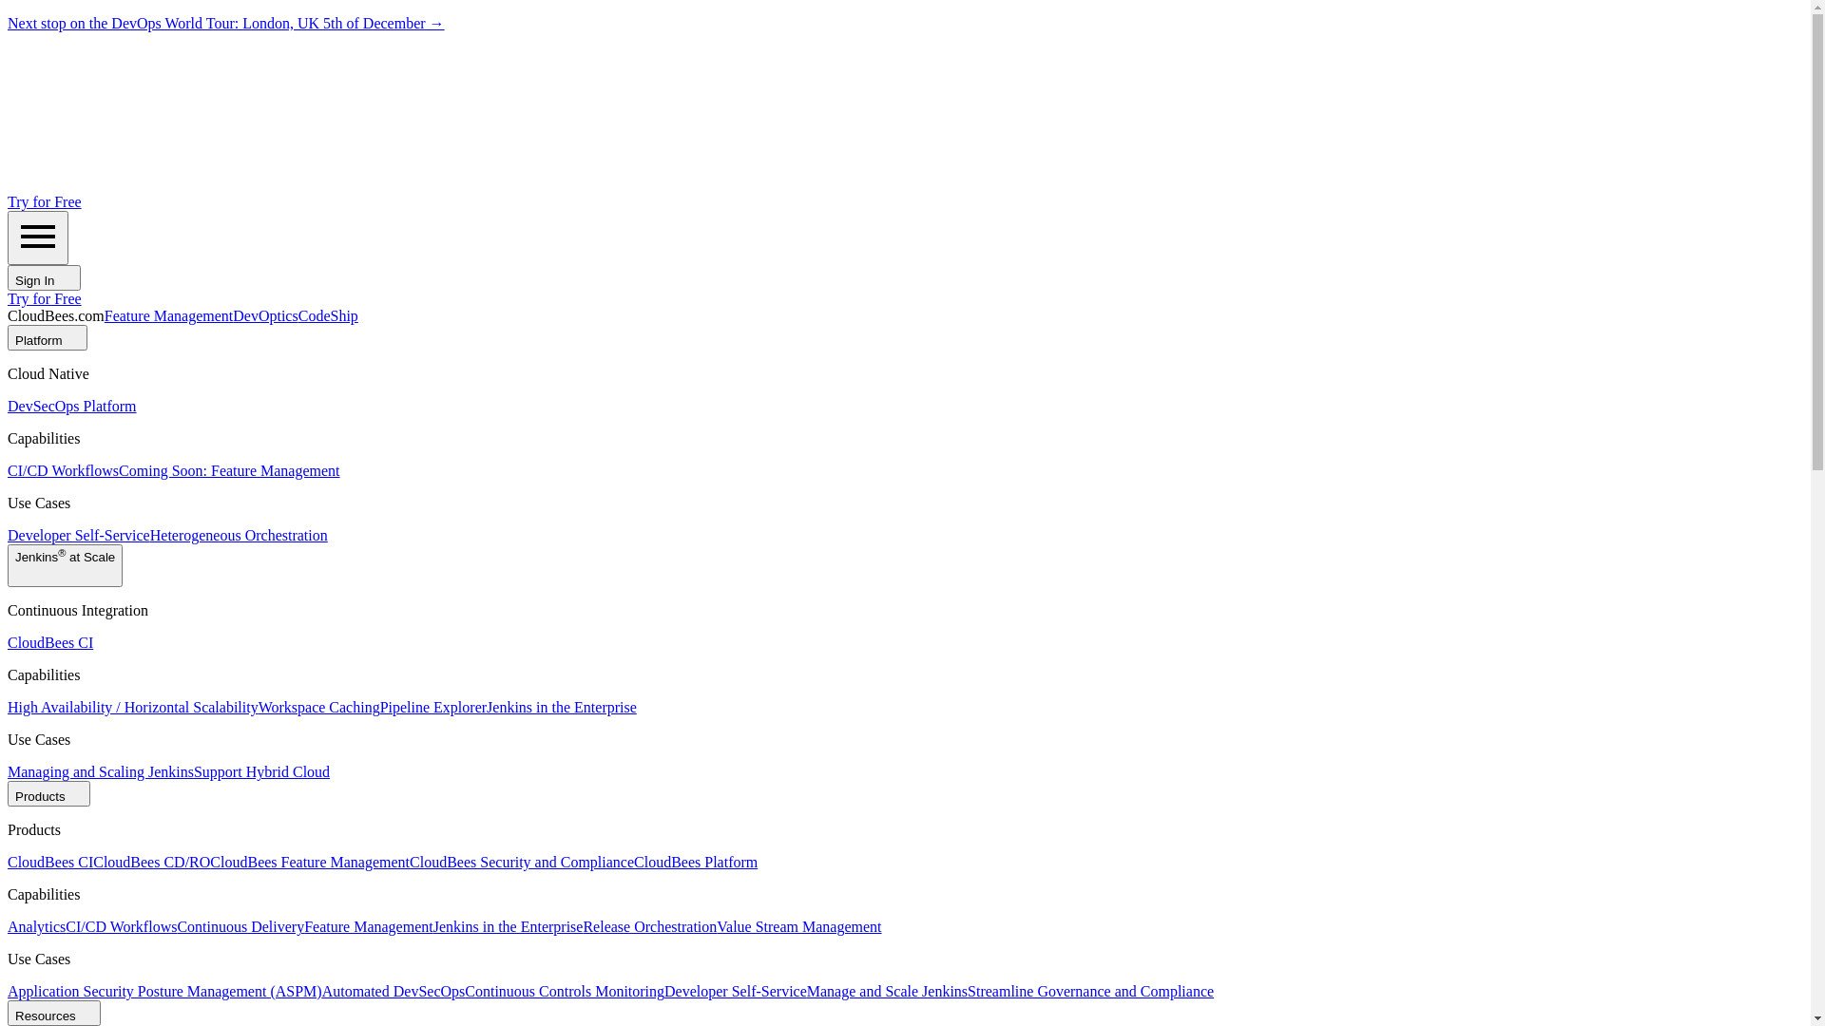 This screenshot has height=1026, width=1825. What do you see at coordinates (45, 298) in the screenshot?
I see `'Try for Free'` at bounding box center [45, 298].